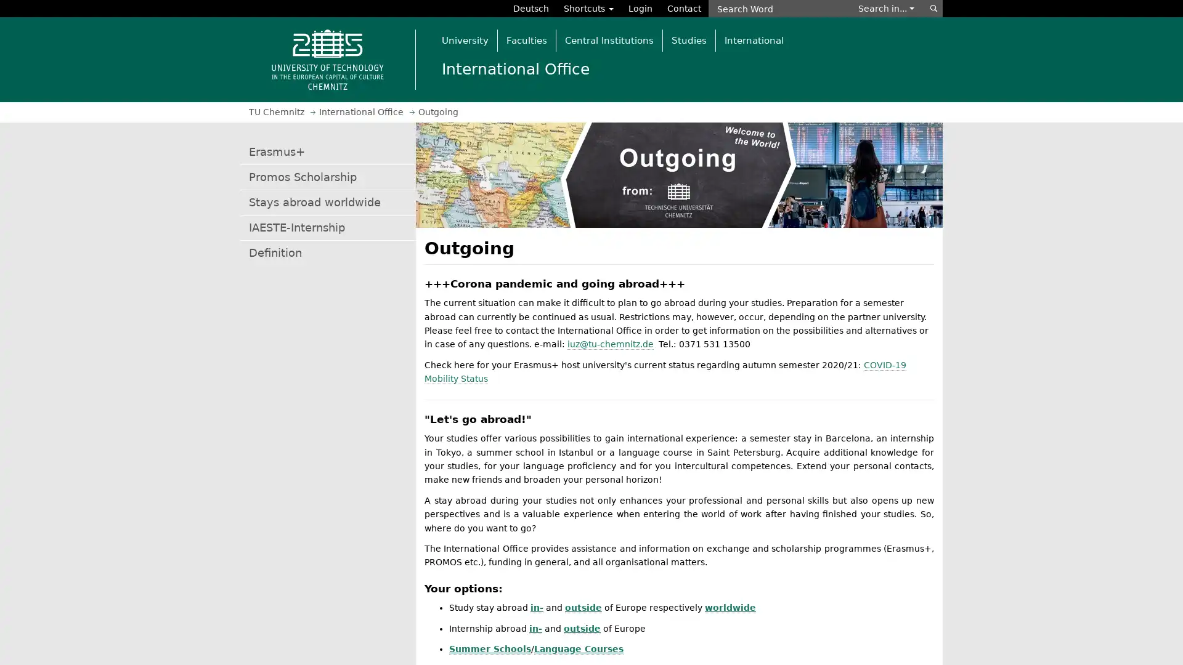  Describe the element at coordinates (753, 39) in the screenshot. I see `International` at that location.